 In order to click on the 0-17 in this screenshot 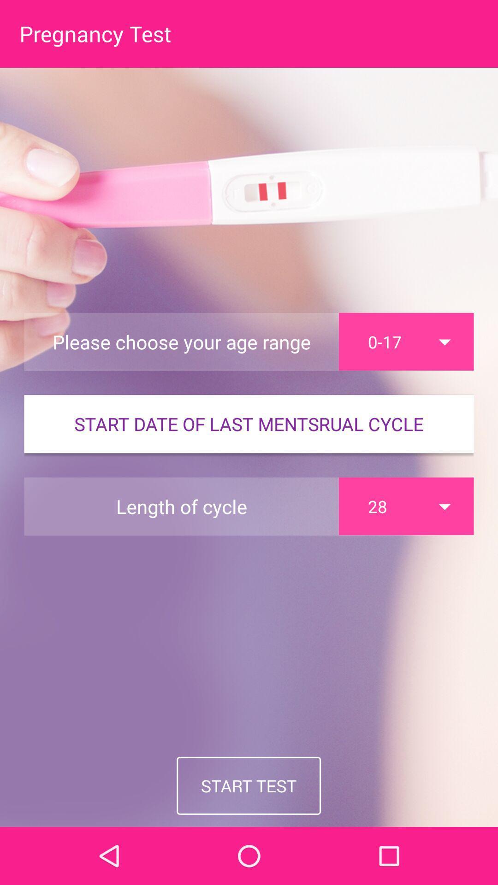, I will do `click(406, 341)`.